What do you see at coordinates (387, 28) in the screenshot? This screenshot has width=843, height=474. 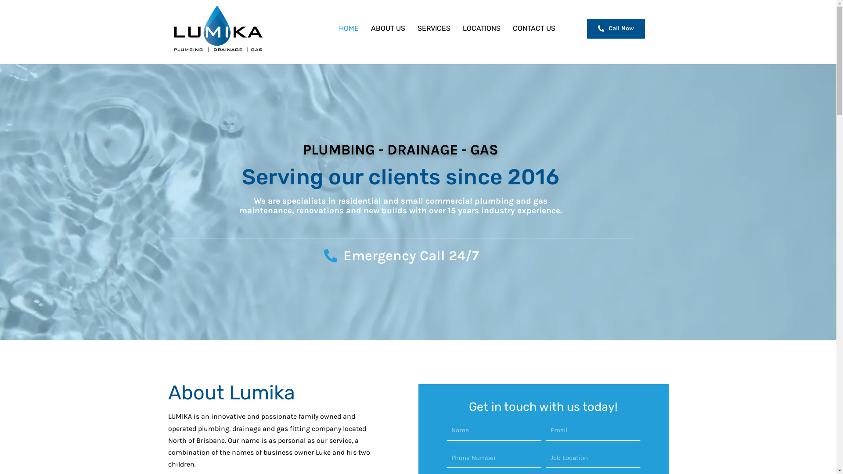 I see `'ABOUT US'` at bounding box center [387, 28].